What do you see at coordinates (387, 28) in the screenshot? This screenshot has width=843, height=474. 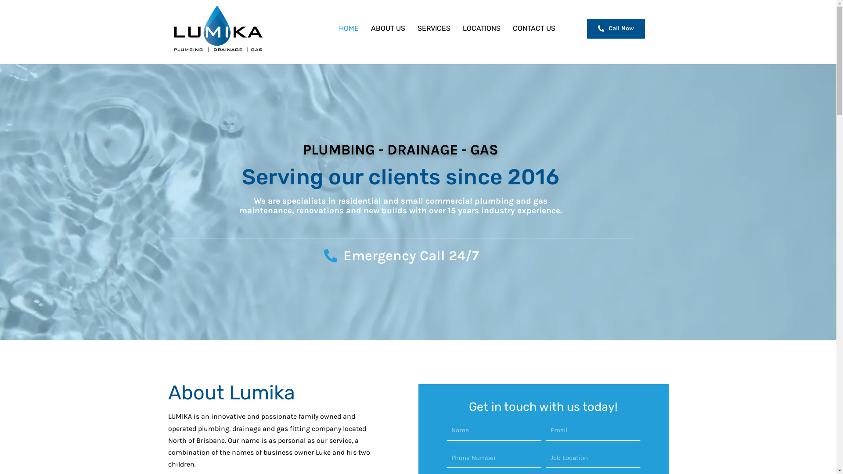 I see `'ABOUT US'` at bounding box center [387, 28].